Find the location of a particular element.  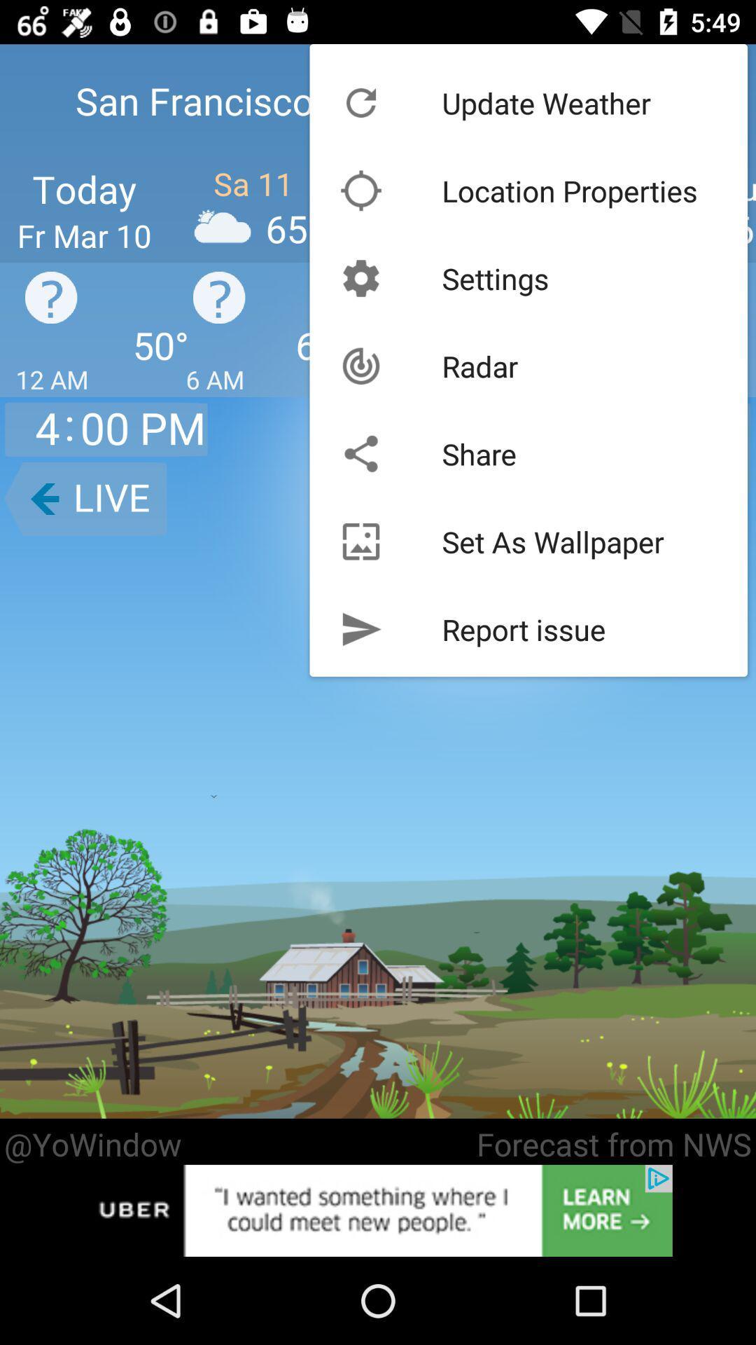

icon above the location properties item is located at coordinates (545, 102).